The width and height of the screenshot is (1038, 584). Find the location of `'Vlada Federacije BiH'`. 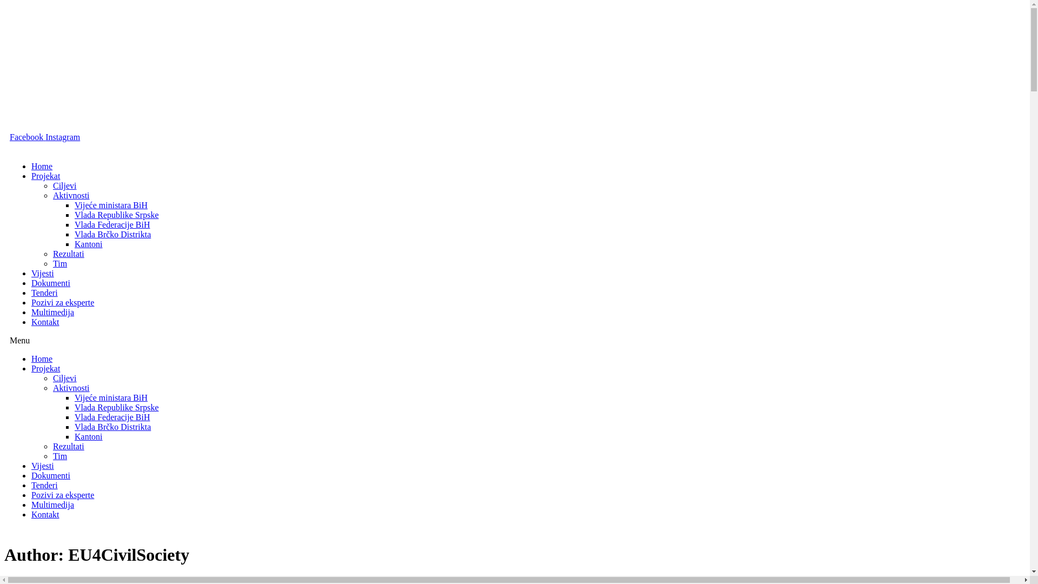

'Vlada Federacije BiH' is located at coordinates (112, 416).